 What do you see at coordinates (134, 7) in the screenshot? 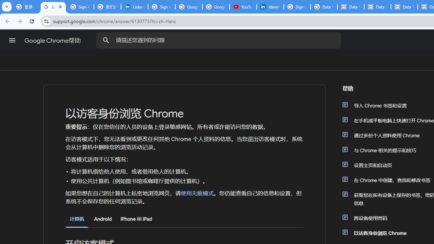
I see `'LinkedIn Privacy Policy'` at bounding box center [134, 7].